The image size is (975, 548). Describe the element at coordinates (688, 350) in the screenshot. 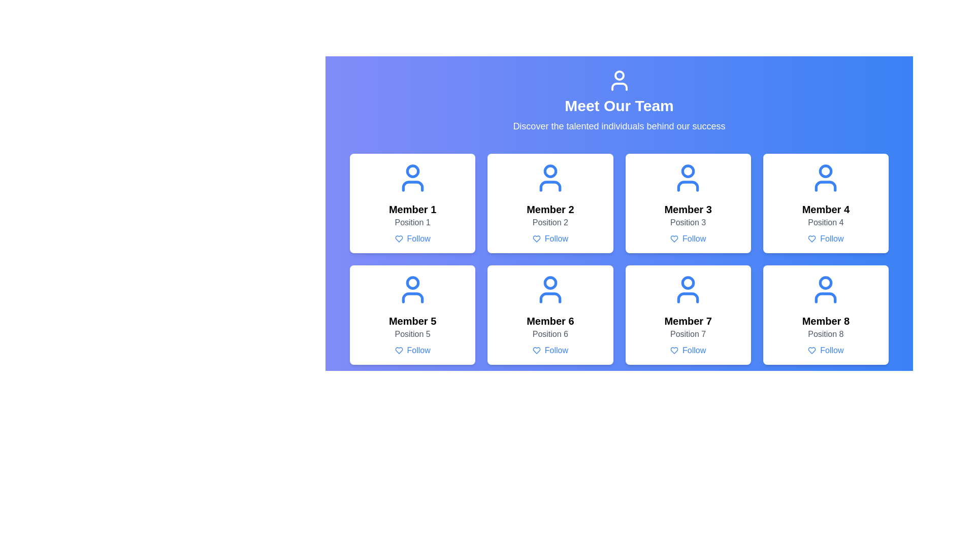

I see `the interactive link with an icon located at the bottom of the Member 7 card, which initiates a follow action for the corresponding member` at that location.